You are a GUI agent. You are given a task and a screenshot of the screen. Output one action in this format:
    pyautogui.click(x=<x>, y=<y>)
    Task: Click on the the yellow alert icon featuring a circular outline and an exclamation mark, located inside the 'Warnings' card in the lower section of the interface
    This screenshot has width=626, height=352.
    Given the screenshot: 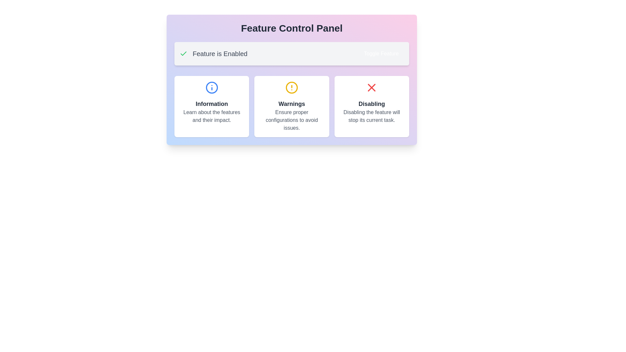 What is the action you would take?
    pyautogui.click(x=291, y=87)
    